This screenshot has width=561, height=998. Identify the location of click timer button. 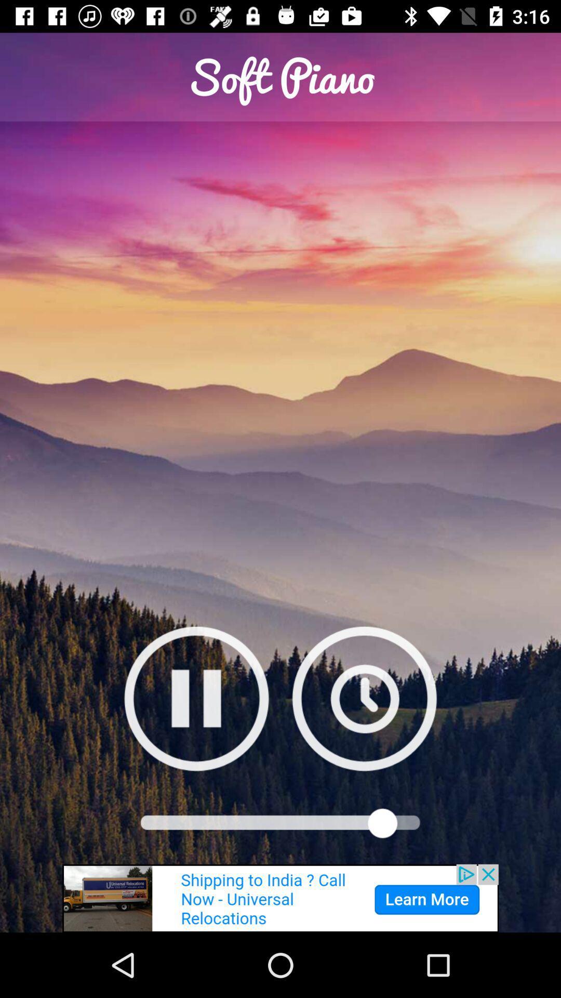
(364, 698).